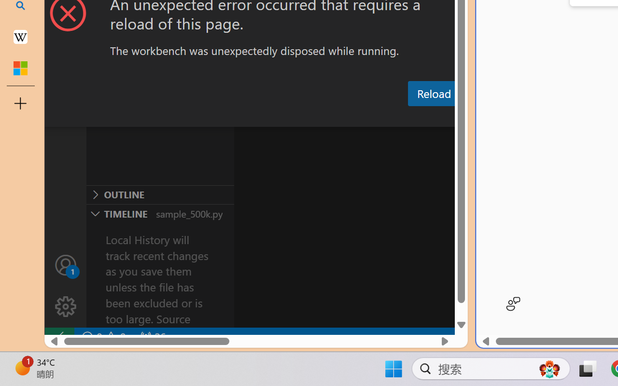 The width and height of the screenshot is (618, 386). What do you see at coordinates (65, 264) in the screenshot?
I see `'Accounts - Sign in requested'` at bounding box center [65, 264].